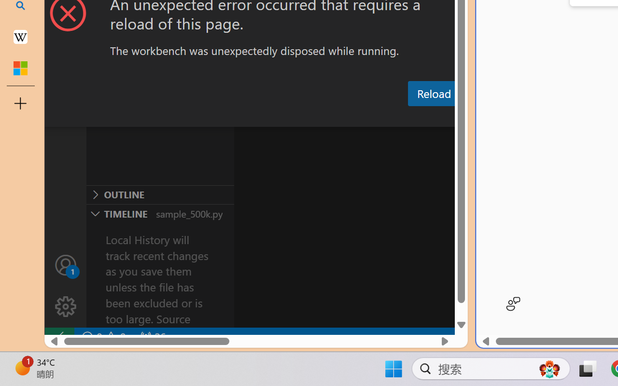 The width and height of the screenshot is (618, 386). What do you see at coordinates (65, 264) in the screenshot?
I see `'Accounts - Sign in requested'` at bounding box center [65, 264].